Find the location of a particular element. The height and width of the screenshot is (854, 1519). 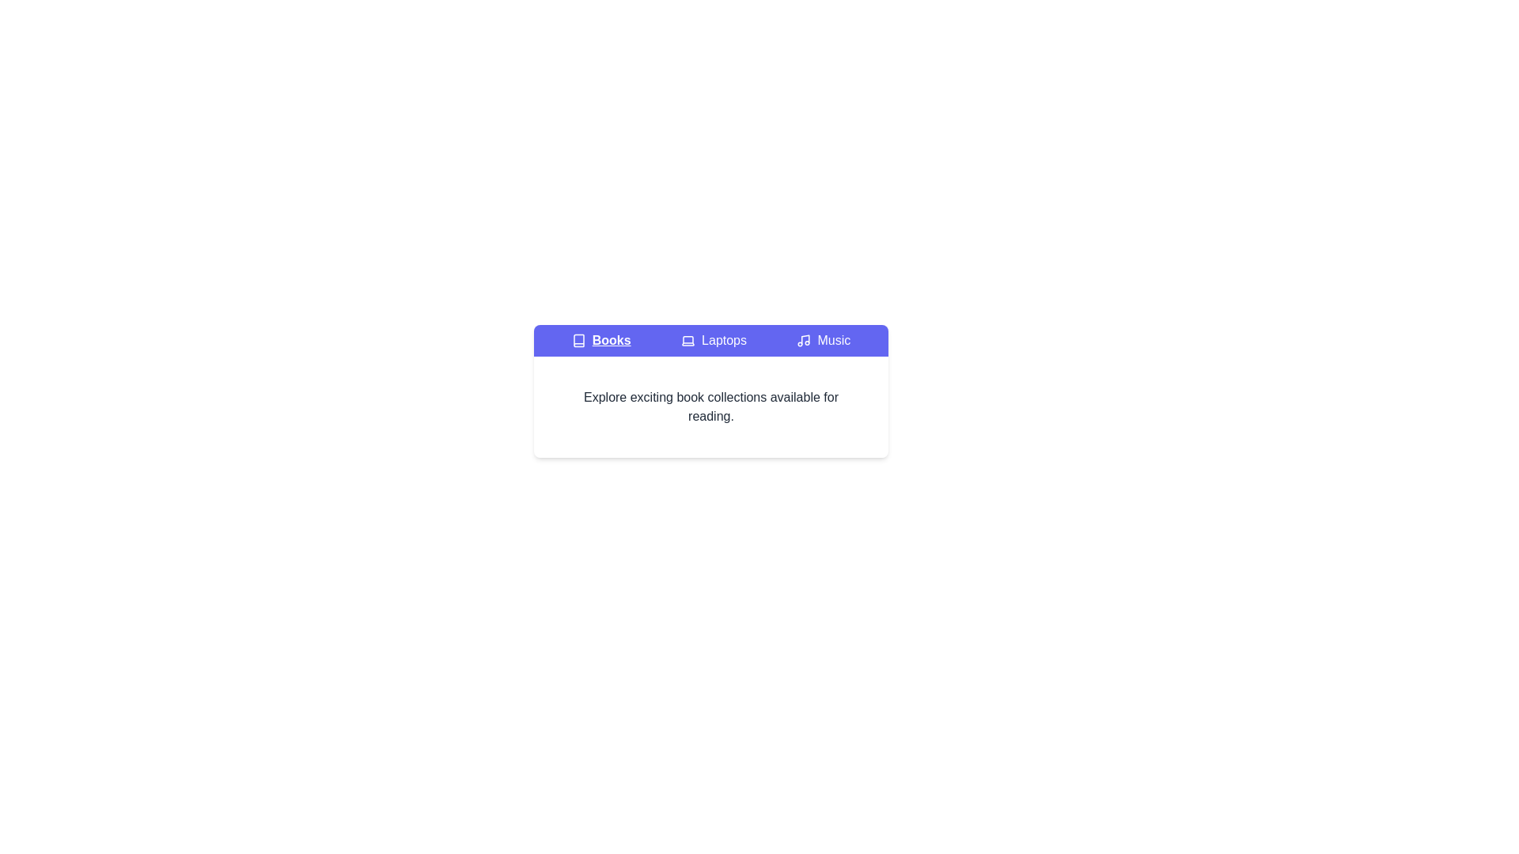

the Music tab to inspect its title and icon is located at coordinates (823, 340).